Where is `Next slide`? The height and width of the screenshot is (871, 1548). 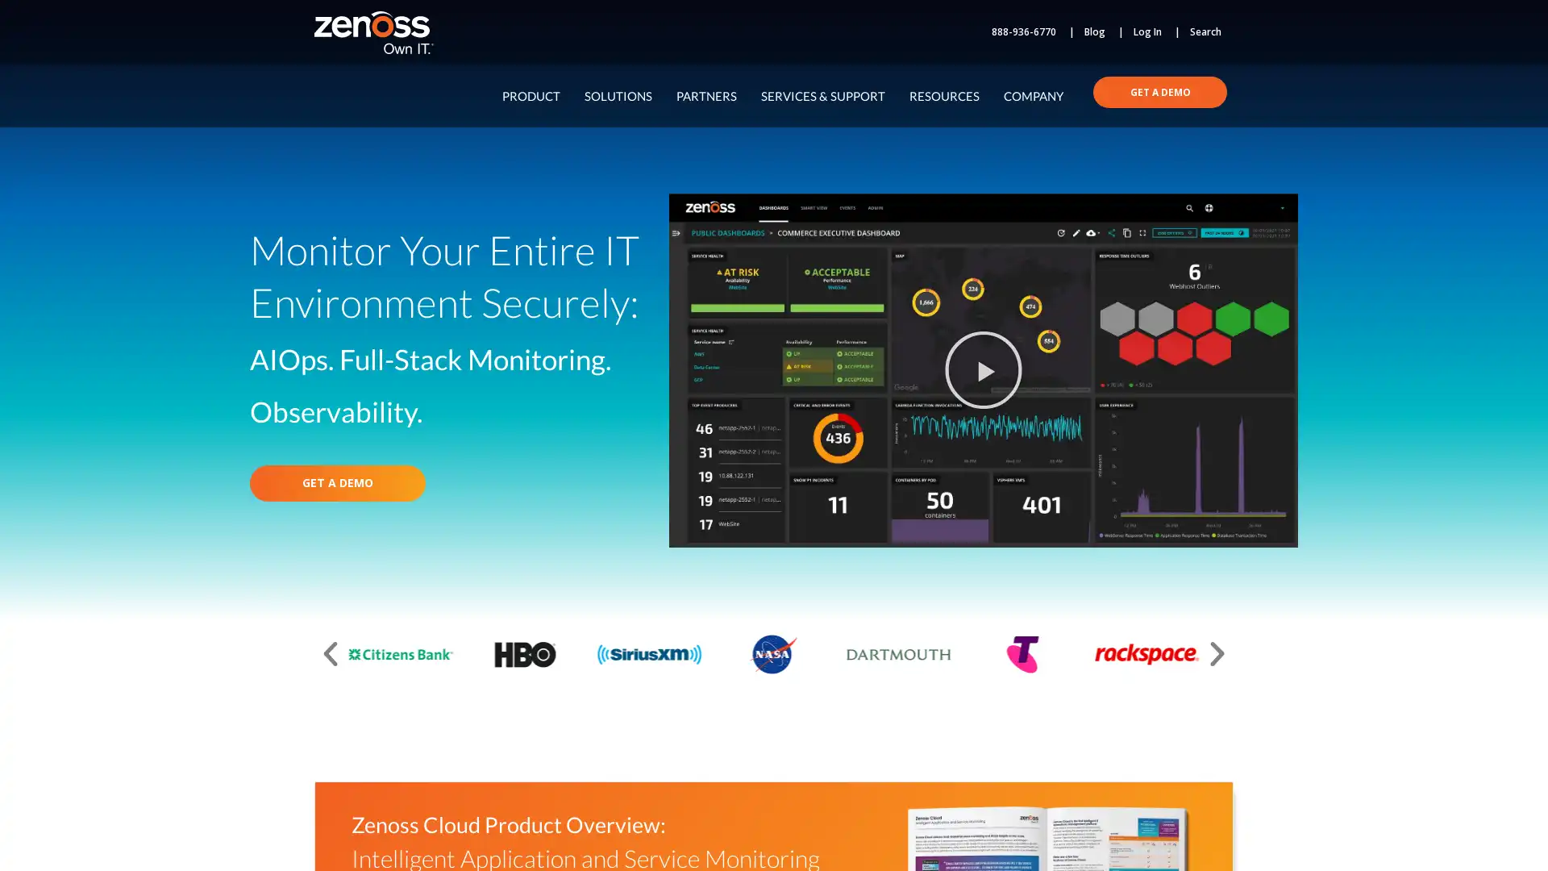 Next slide is located at coordinates (1217, 653).